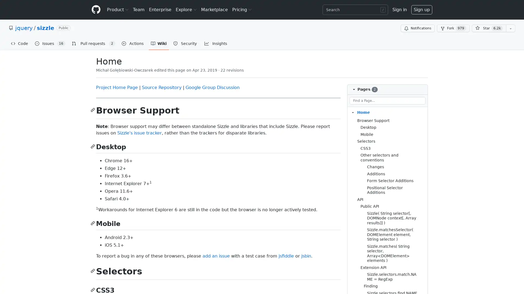  I want to click on You must be signed in to add this repository to a list, so click(510, 28).